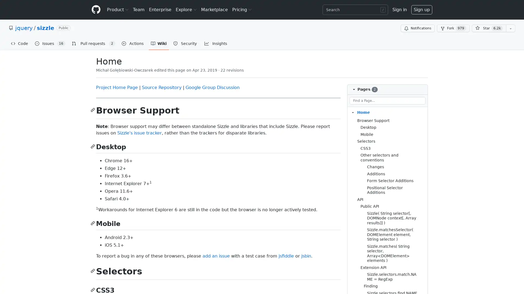  I want to click on You must be signed in to add this repository to a list, so click(510, 28).